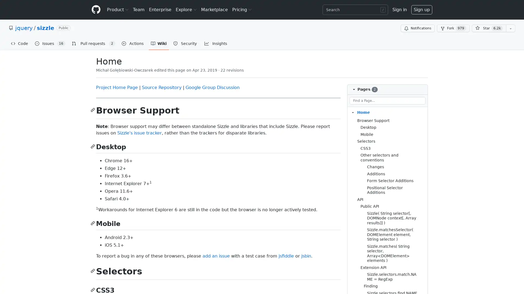  I want to click on You must be signed in to add this repository to a list, so click(510, 28).